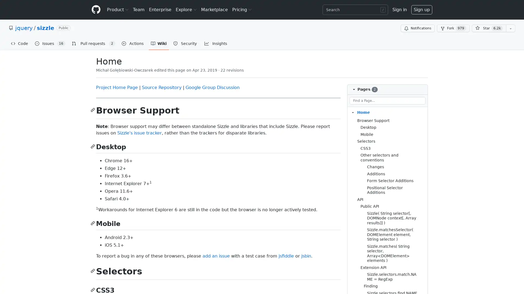  I want to click on You must be signed in to add this repository to a list, so click(510, 28).